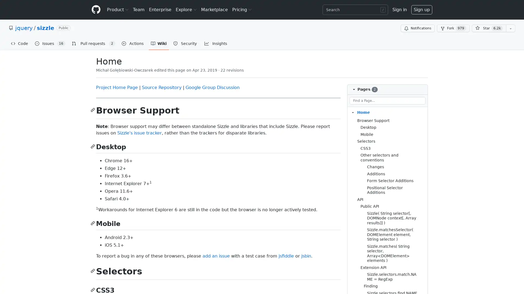  I want to click on You must be signed in to add this repository to a list, so click(510, 28).